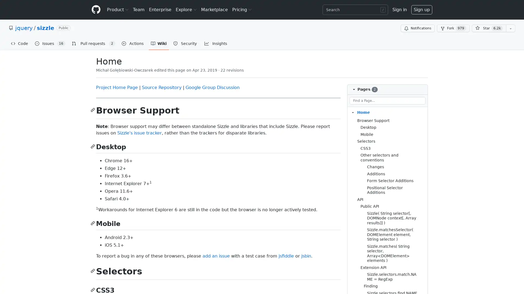  I want to click on You must be signed in to add this repository to a list, so click(510, 28).